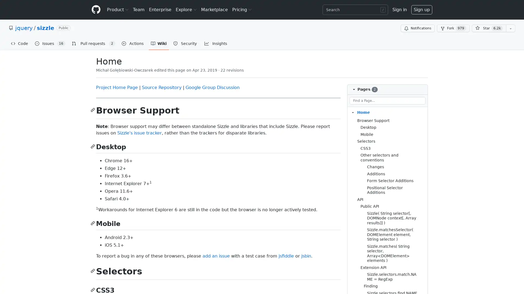  I want to click on You must be signed in to add this repository to a list, so click(510, 28).